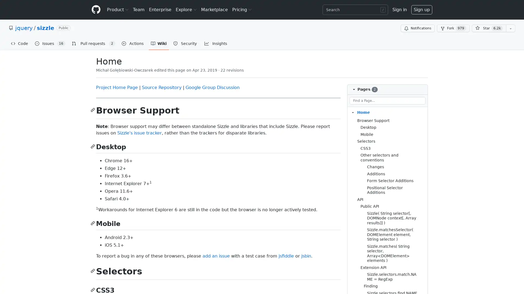  I want to click on You must be signed in to add this repository to a list, so click(510, 28).